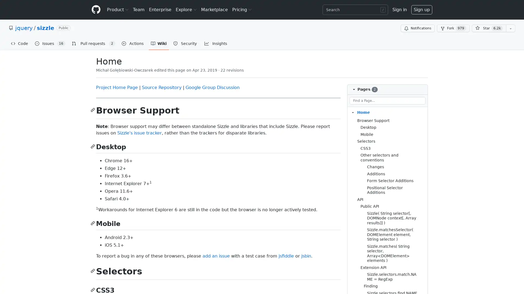  I want to click on You must be signed in to add this repository to a list, so click(510, 28).